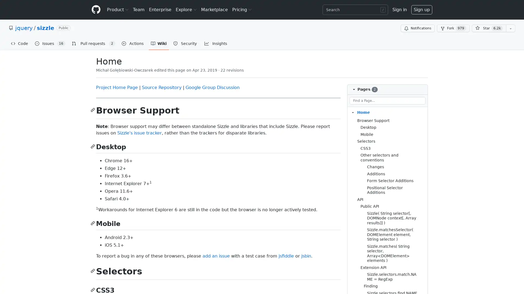  I want to click on You must be signed in to add this repository to a list, so click(510, 28).